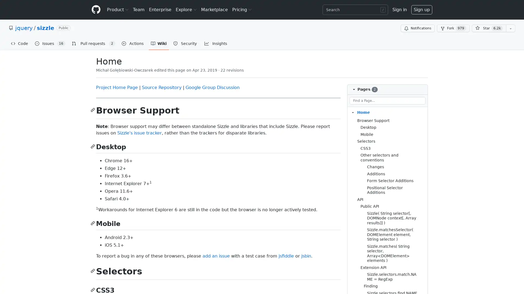  I want to click on You must be signed in to add this repository to a list, so click(510, 28).